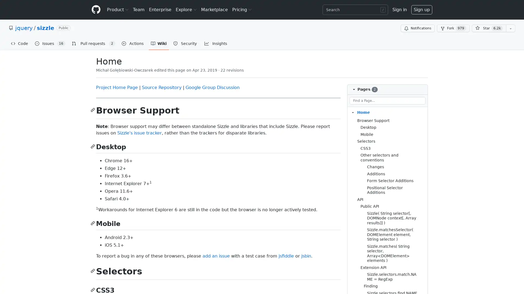  I want to click on You must be signed in to add this repository to a list, so click(510, 28).